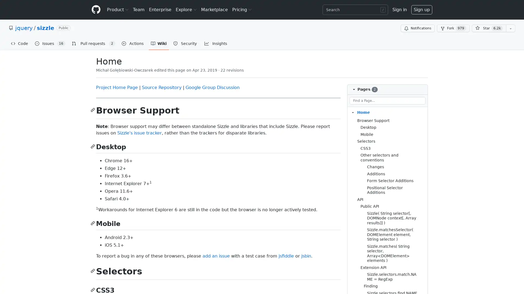  I want to click on You must be signed in to add this repository to a list, so click(510, 28).